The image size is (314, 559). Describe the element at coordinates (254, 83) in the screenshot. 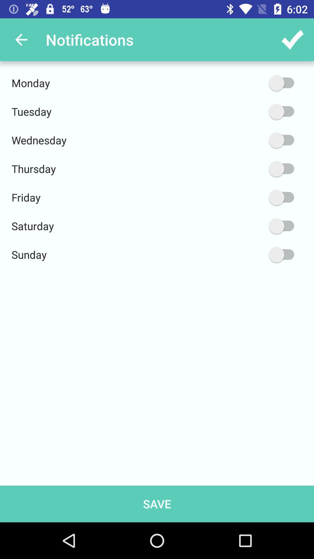

I see `icon to the right of monday icon` at that location.